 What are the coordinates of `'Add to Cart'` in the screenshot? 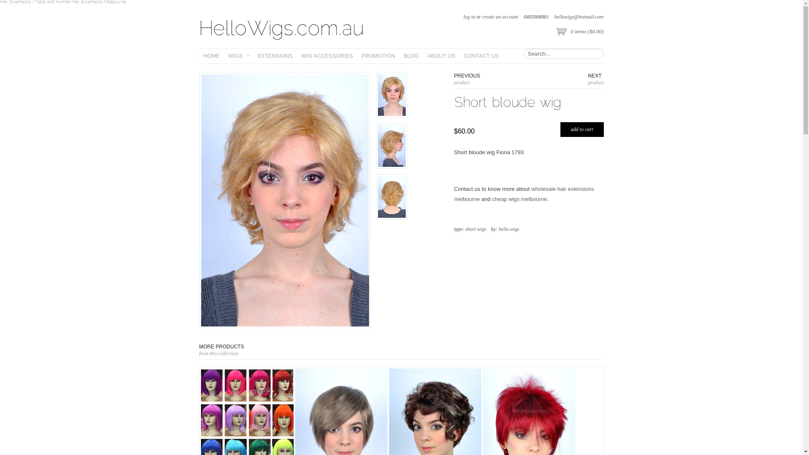 It's located at (560, 129).